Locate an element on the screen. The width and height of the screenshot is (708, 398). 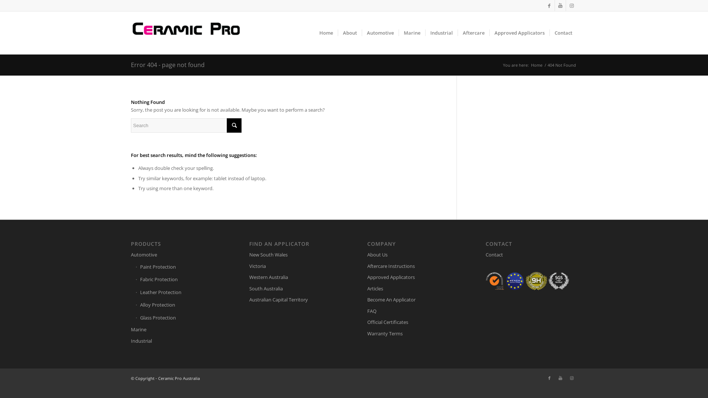
'Become An Applicator' is located at coordinates (412, 300).